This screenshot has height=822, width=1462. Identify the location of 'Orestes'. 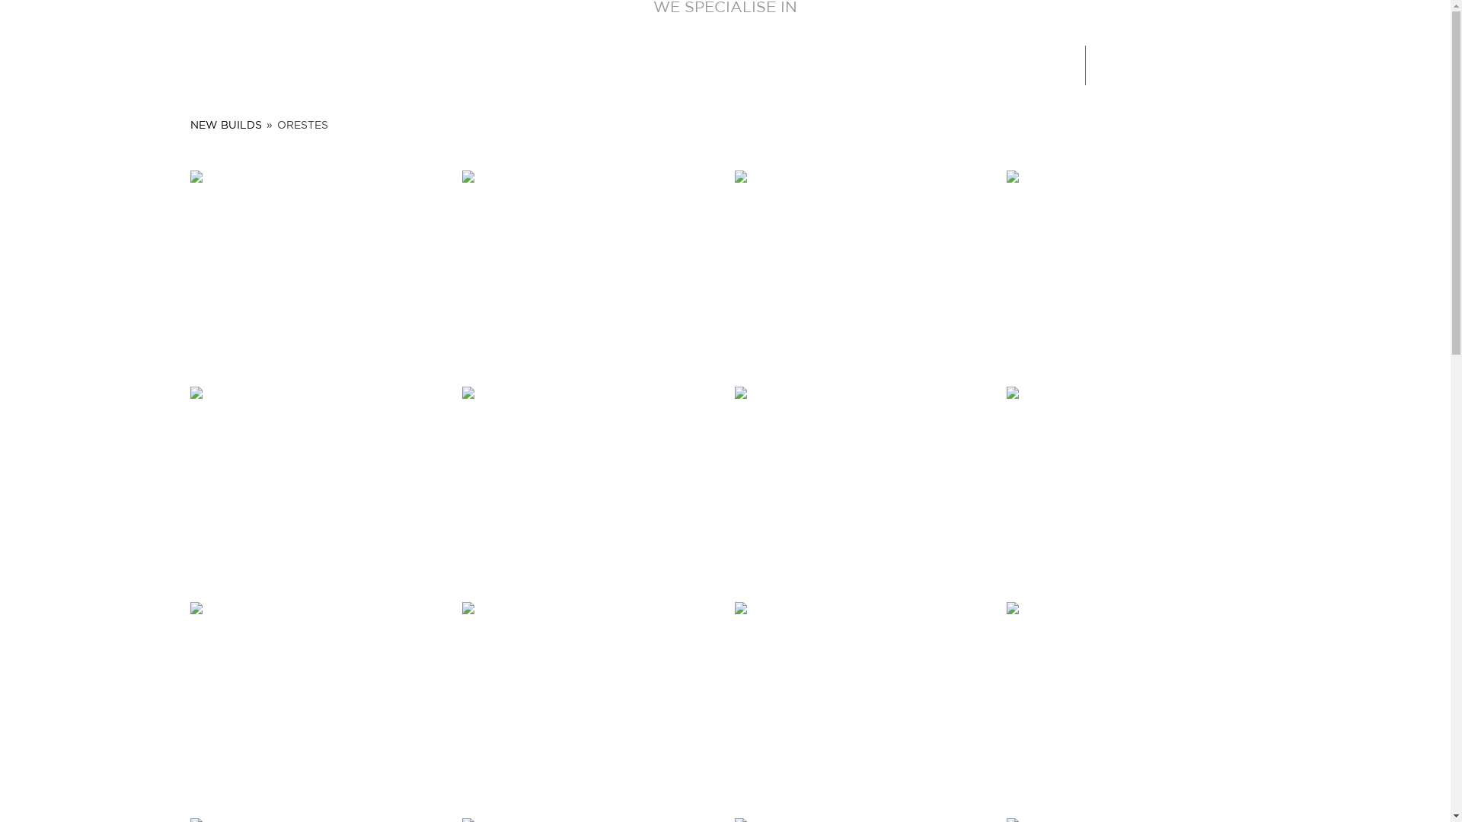
(461, 268).